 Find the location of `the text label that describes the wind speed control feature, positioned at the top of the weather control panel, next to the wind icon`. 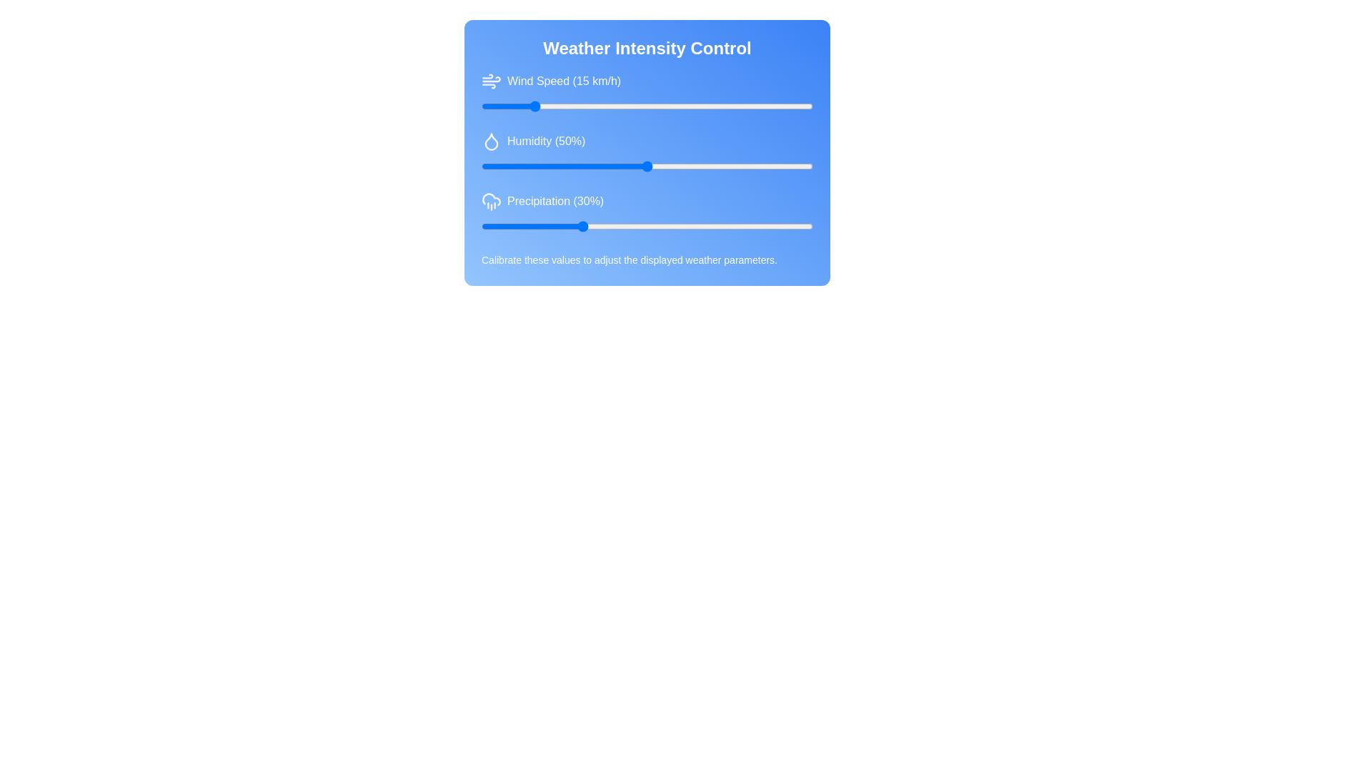

the text label that describes the wind speed control feature, positioned at the top of the weather control panel, next to the wind icon is located at coordinates (563, 81).